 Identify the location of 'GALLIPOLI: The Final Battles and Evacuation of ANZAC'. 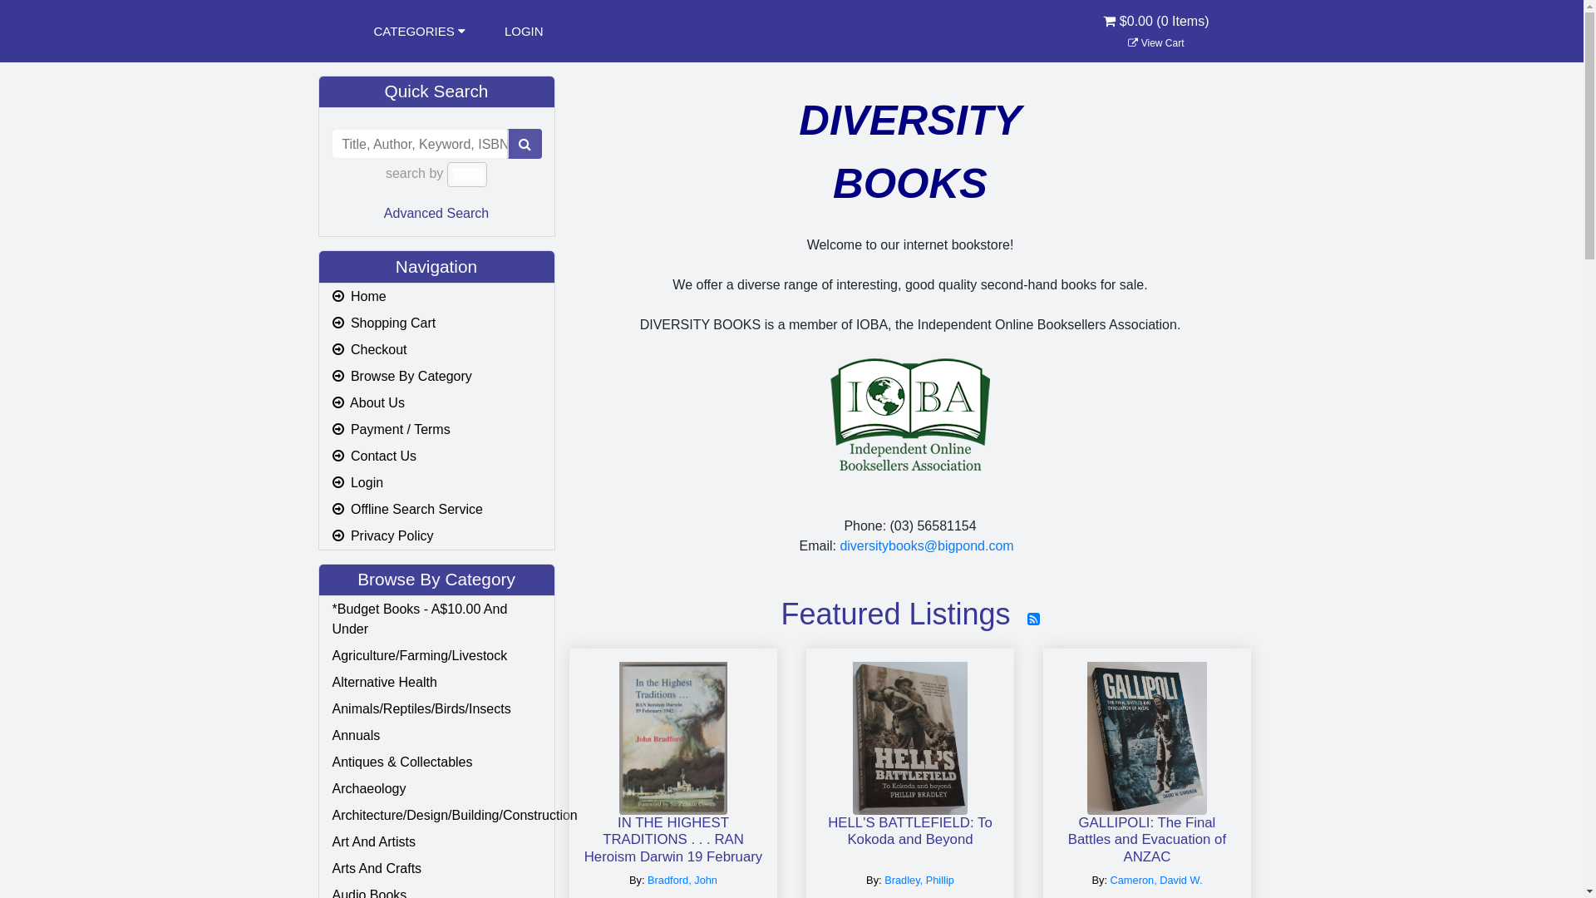
(1145, 730).